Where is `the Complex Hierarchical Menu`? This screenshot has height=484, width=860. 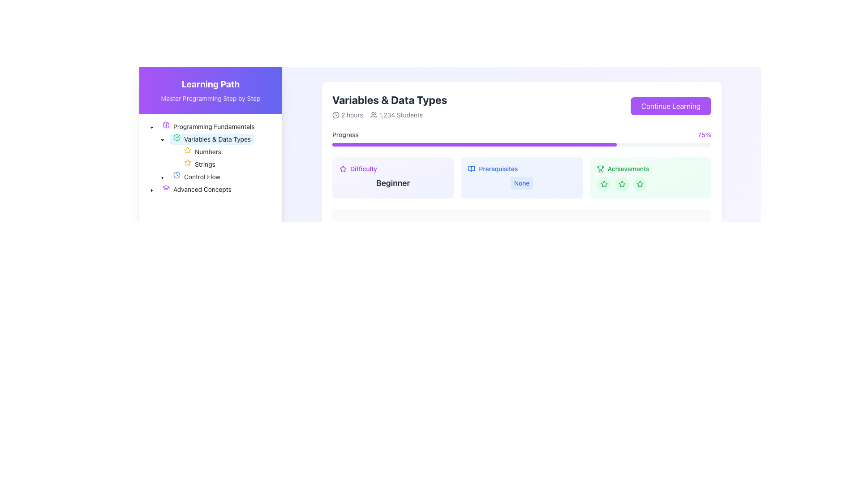
the Complex Hierarchical Menu is located at coordinates (210, 158).